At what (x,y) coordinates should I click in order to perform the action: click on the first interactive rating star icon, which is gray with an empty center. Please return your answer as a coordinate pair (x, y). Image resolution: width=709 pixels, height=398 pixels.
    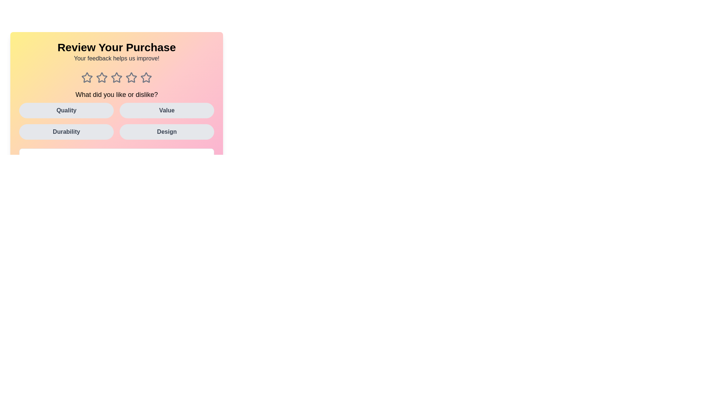
    Looking at the image, I should click on (87, 78).